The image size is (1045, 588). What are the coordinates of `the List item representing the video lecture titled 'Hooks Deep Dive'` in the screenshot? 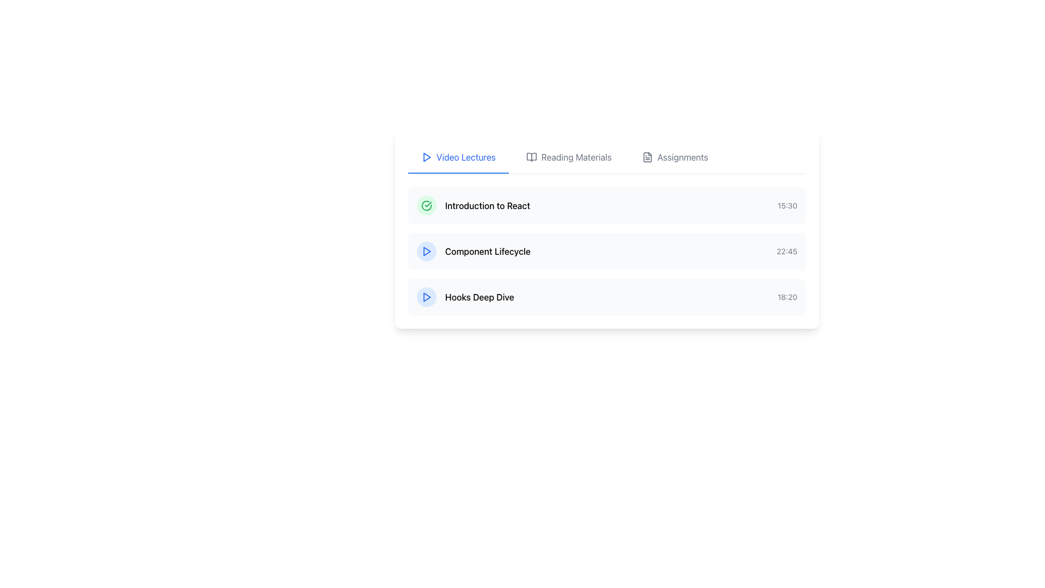 It's located at (606, 297).